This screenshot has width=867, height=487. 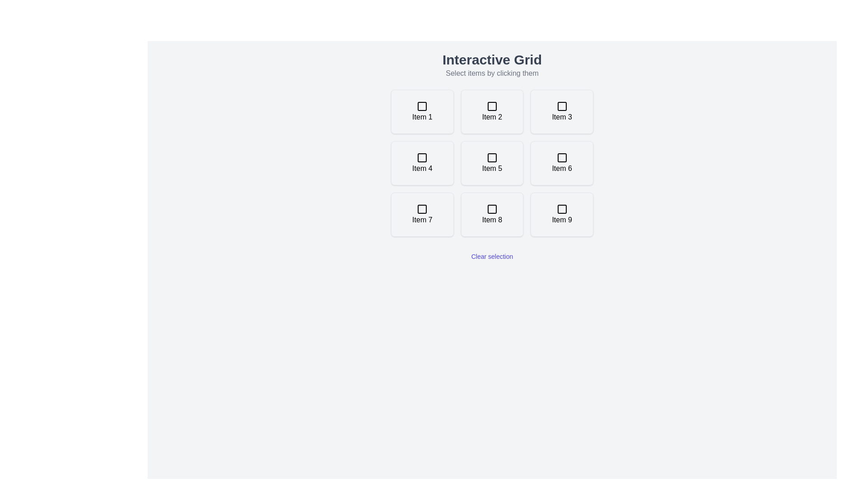 What do you see at coordinates (491, 214) in the screenshot?
I see `the button labeled 'Item 8' using keyboard navigation` at bounding box center [491, 214].